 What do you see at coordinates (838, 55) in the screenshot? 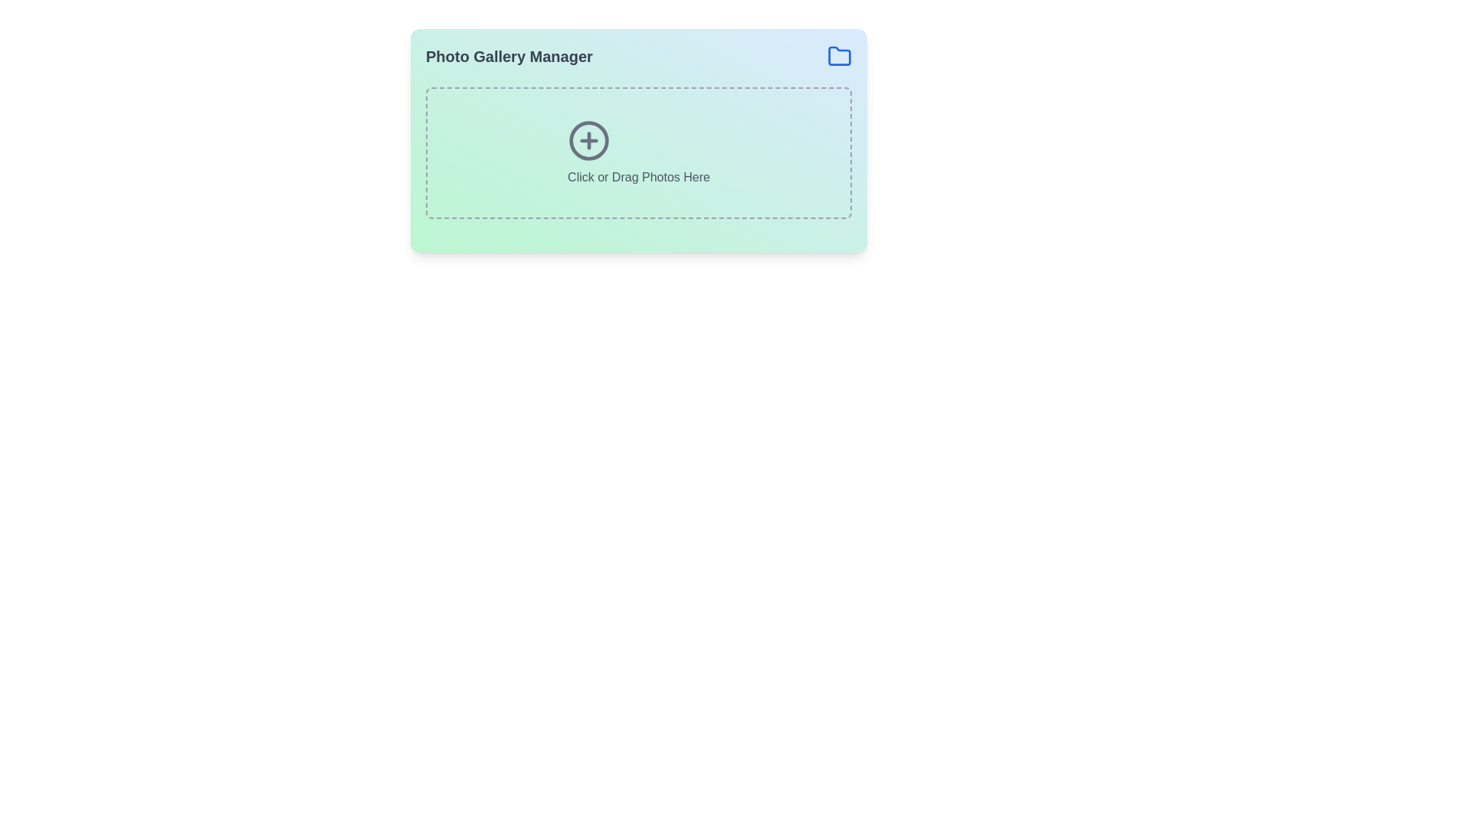
I see `the blue folder icon located in the top-right corner of a card component` at bounding box center [838, 55].